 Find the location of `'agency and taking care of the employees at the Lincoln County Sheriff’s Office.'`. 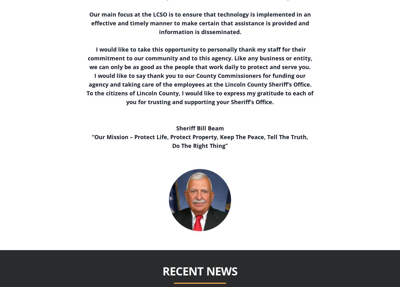

'agency and taking care of the employees at the Lincoln County Sheriff’s Office.' is located at coordinates (199, 83).